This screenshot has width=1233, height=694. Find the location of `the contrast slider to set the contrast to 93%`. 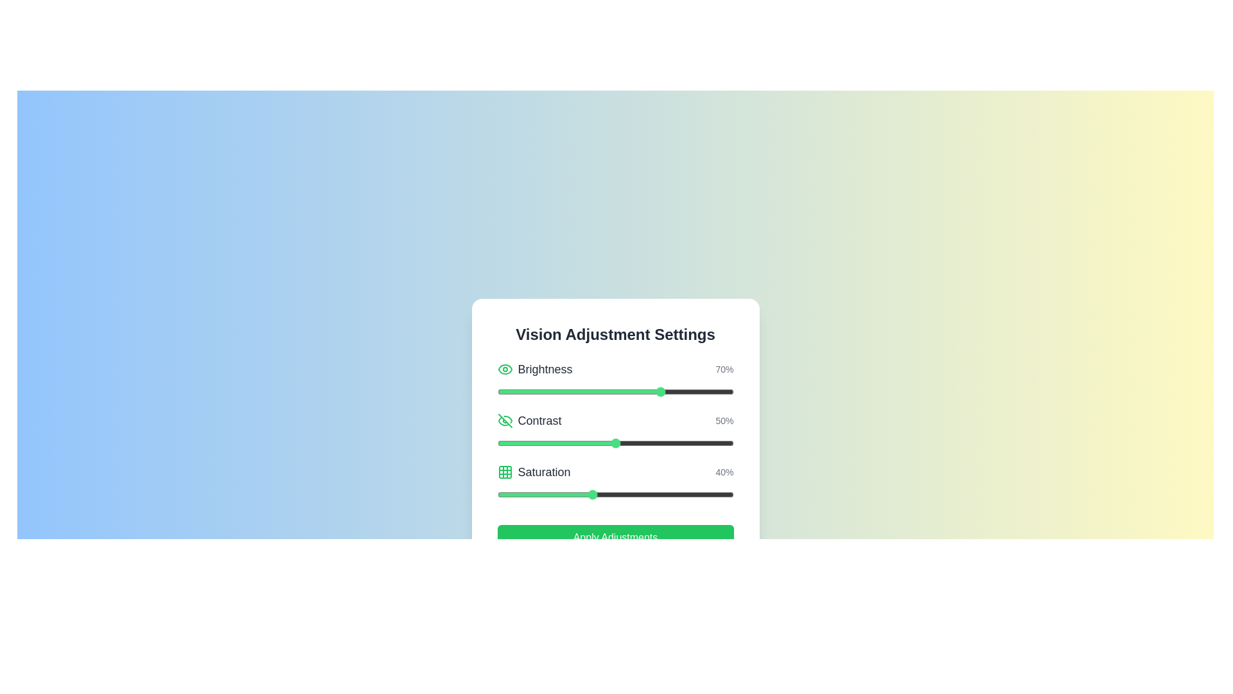

the contrast slider to set the contrast to 93% is located at coordinates (716, 443).